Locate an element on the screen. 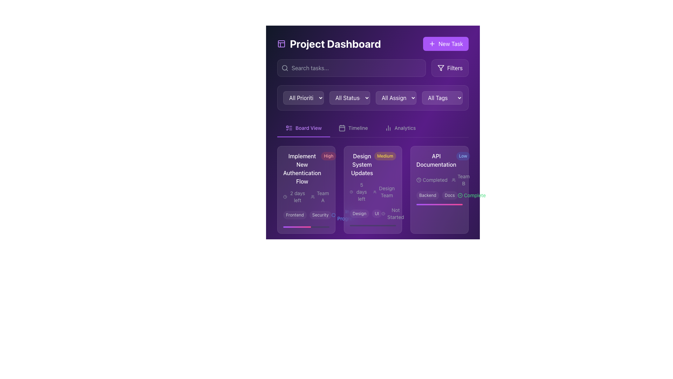 This screenshot has height=379, width=673. circular border graphic within the clock icon located in the 'API Documentation' card in the third column of the 'Board View' section is located at coordinates (419, 179).